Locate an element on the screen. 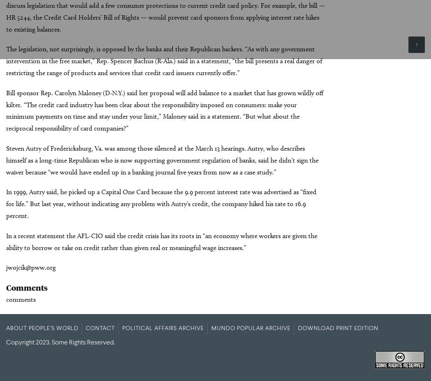 This screenshot has height=381, width=431. 'Political Affairs Archive' is located at coordinates (163, 328).